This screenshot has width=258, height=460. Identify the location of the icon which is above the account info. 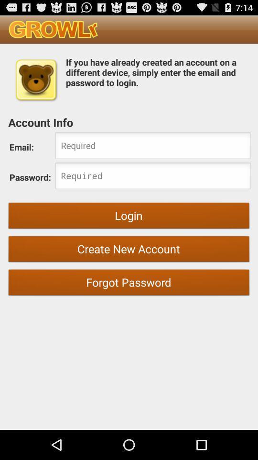
(35, 79).